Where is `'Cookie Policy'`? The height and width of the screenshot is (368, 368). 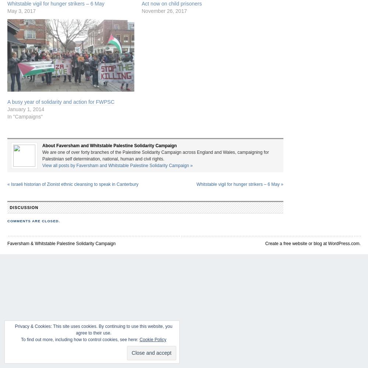 'Cookie Policy' is located at coordinates (153, 340).